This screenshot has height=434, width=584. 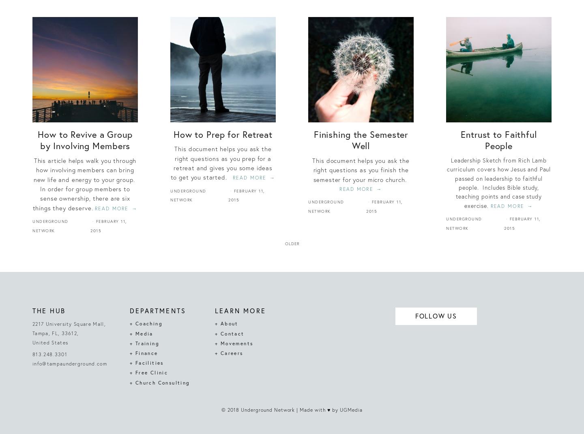 What do you see at coordinates (49, 342) in the screenshot?
I see `'United States'` at bounding box center [49, 342].